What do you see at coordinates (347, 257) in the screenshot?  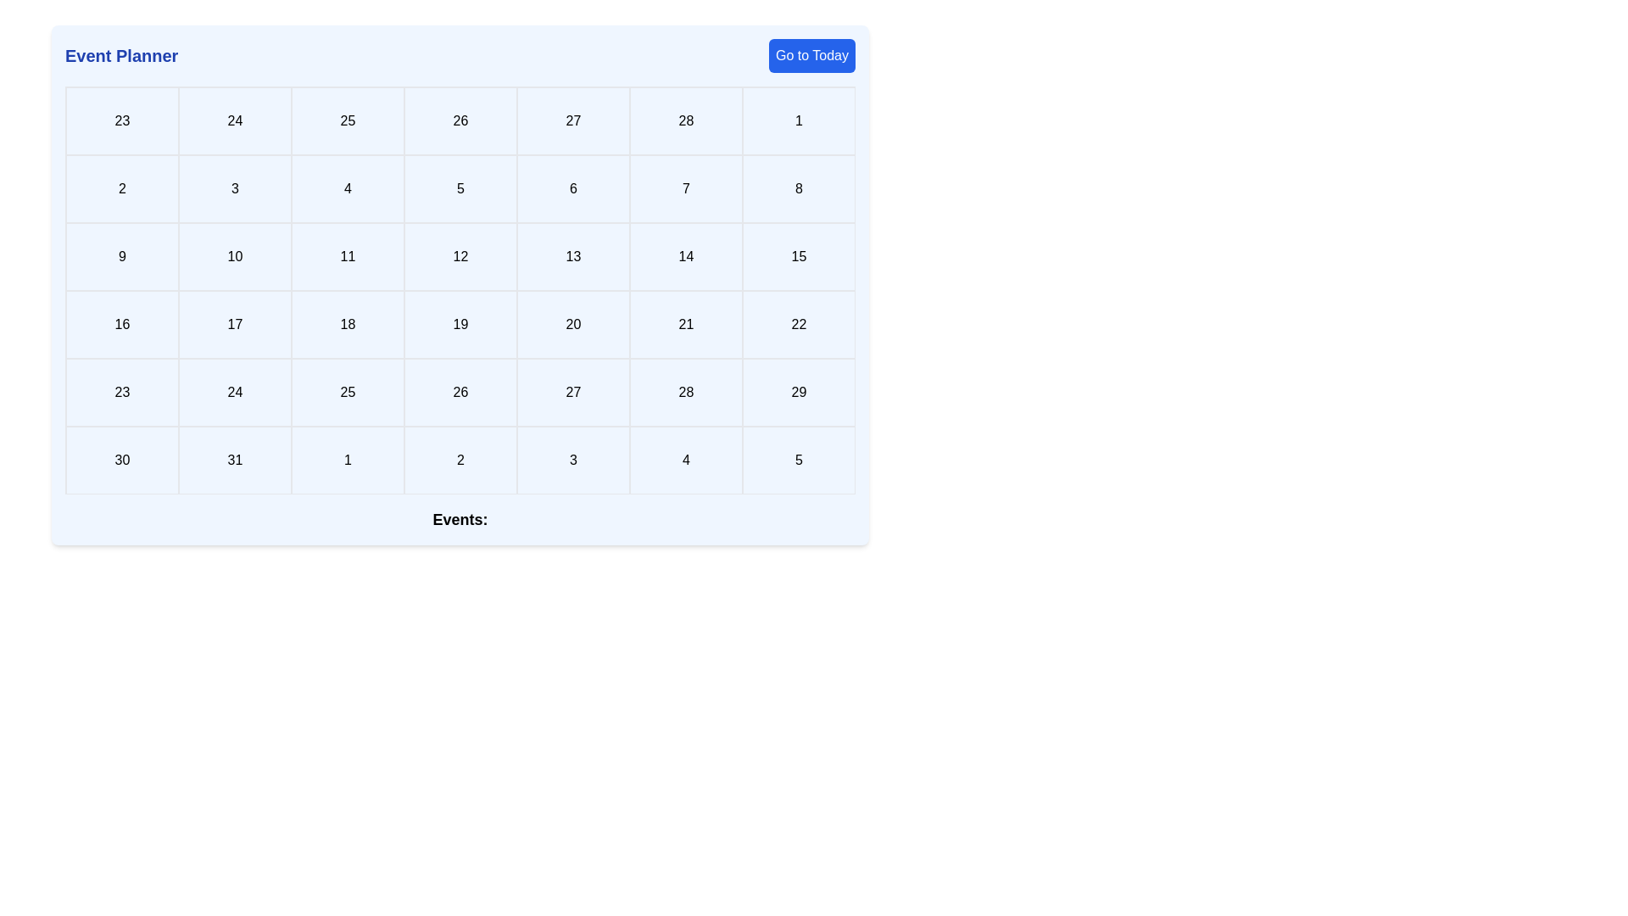 I see `the calendar grid cell representing the day '11'` at bounding box center [347, 257].